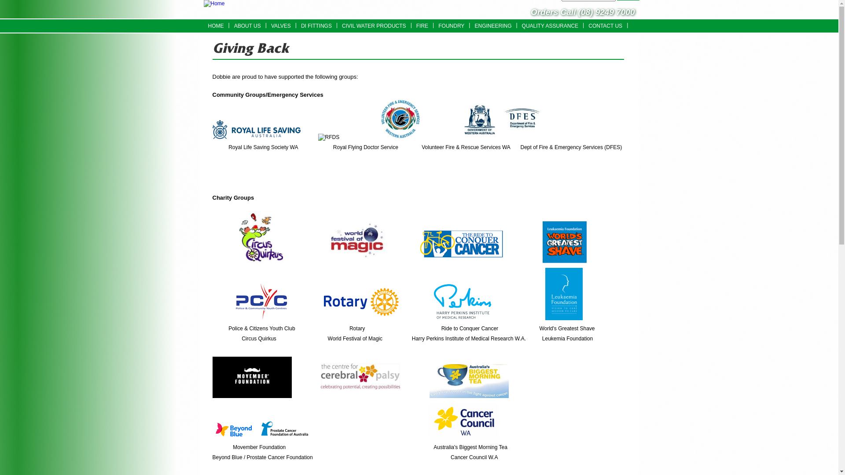 The image size is (845, 475). What do you see at coordinates (213, 4) in the screenshot?
I see `'Home'` at bounding box center [213, 4].